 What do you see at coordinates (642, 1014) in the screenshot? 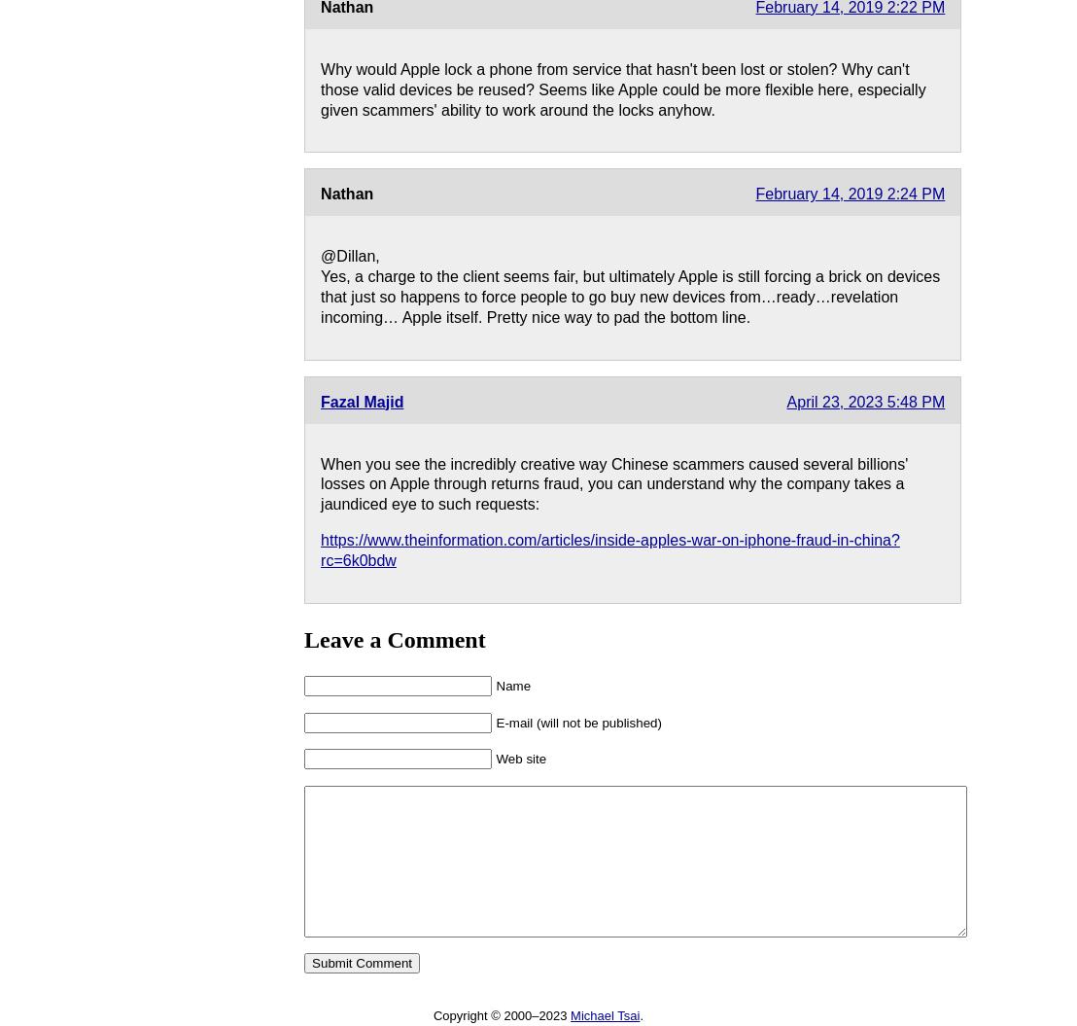
I see `'.'` at bounding box center [642, 1014].